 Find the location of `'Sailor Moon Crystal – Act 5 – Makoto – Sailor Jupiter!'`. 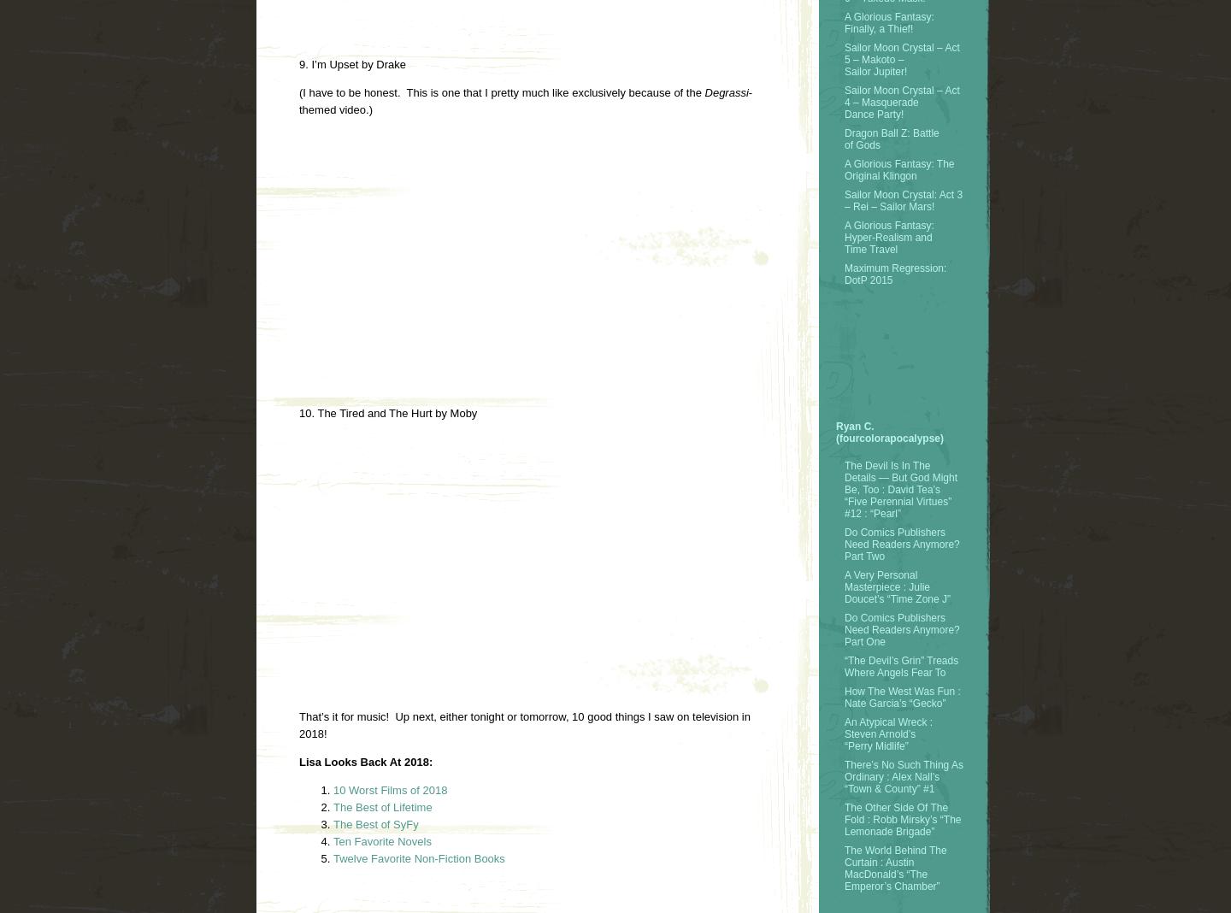

'Sailor Moon Crystal – Act 5 – Makoto – Sailor Jupiter!' is located at coordinates (901, 57).